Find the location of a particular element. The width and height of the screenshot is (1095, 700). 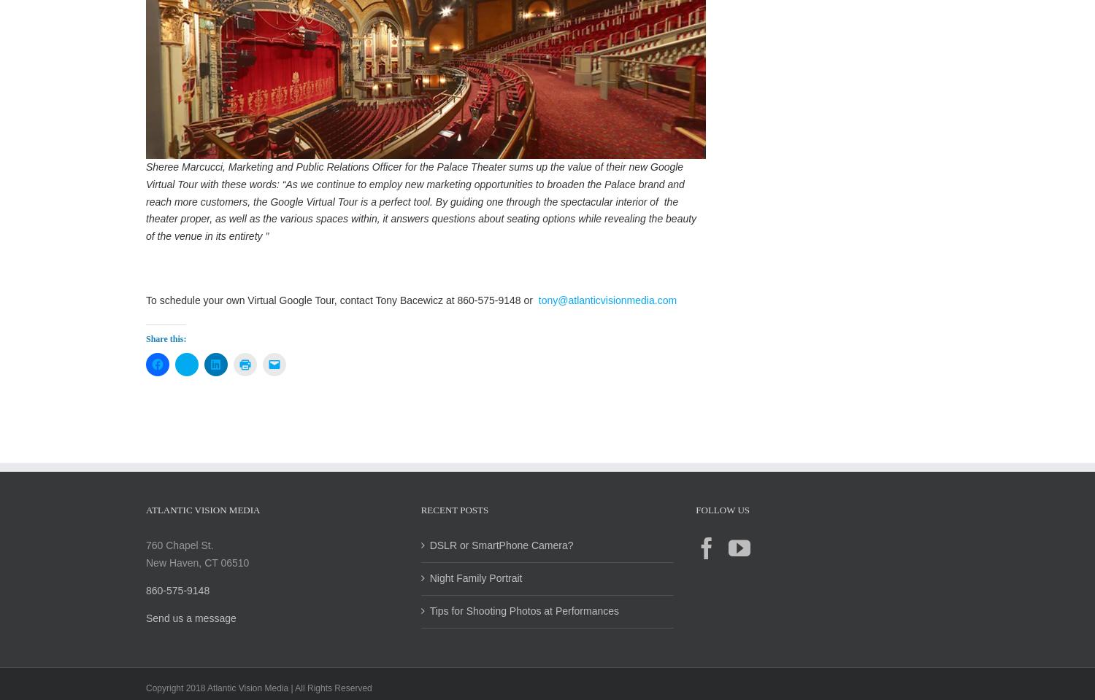

'Sheree Marcucci, Marketing and Public Relations Officer for the Palace Theater sums up the value of their new Google Virtual Tour with these words: “As we continue to employ new marketing opportunities to broaden the Palace brand and reach more customers, the Google Virtual Tour is a perfect tool. By guiding one through the spectacular interior of  the theater proper, as well as the various spaces within, it answers questions about seating options while revealing the beauty of the venue in its entirety ”' is located at coordinates (145, 216).